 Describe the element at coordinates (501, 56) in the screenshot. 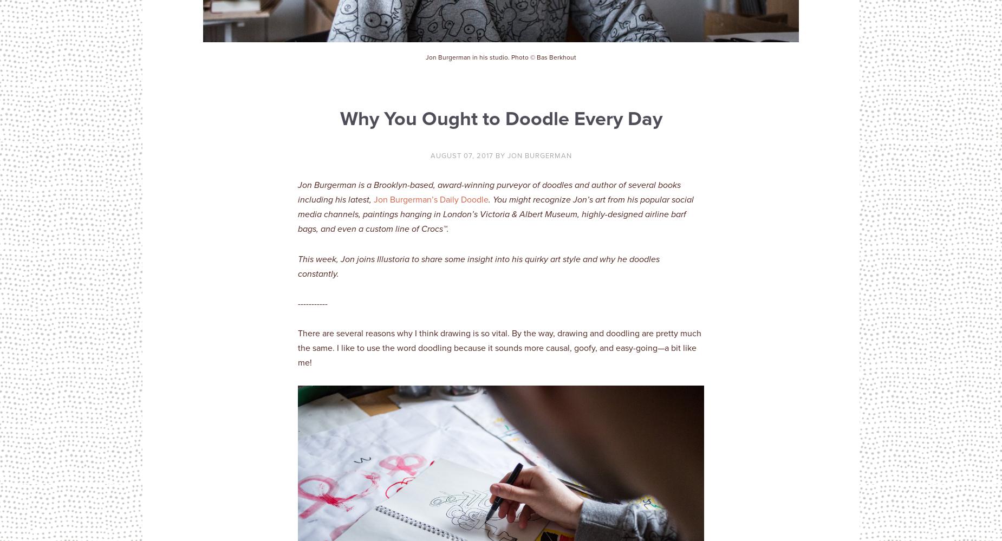

I see `'Jon Burgerman in his studio. Photo © Bas Berkhout'` at that location.